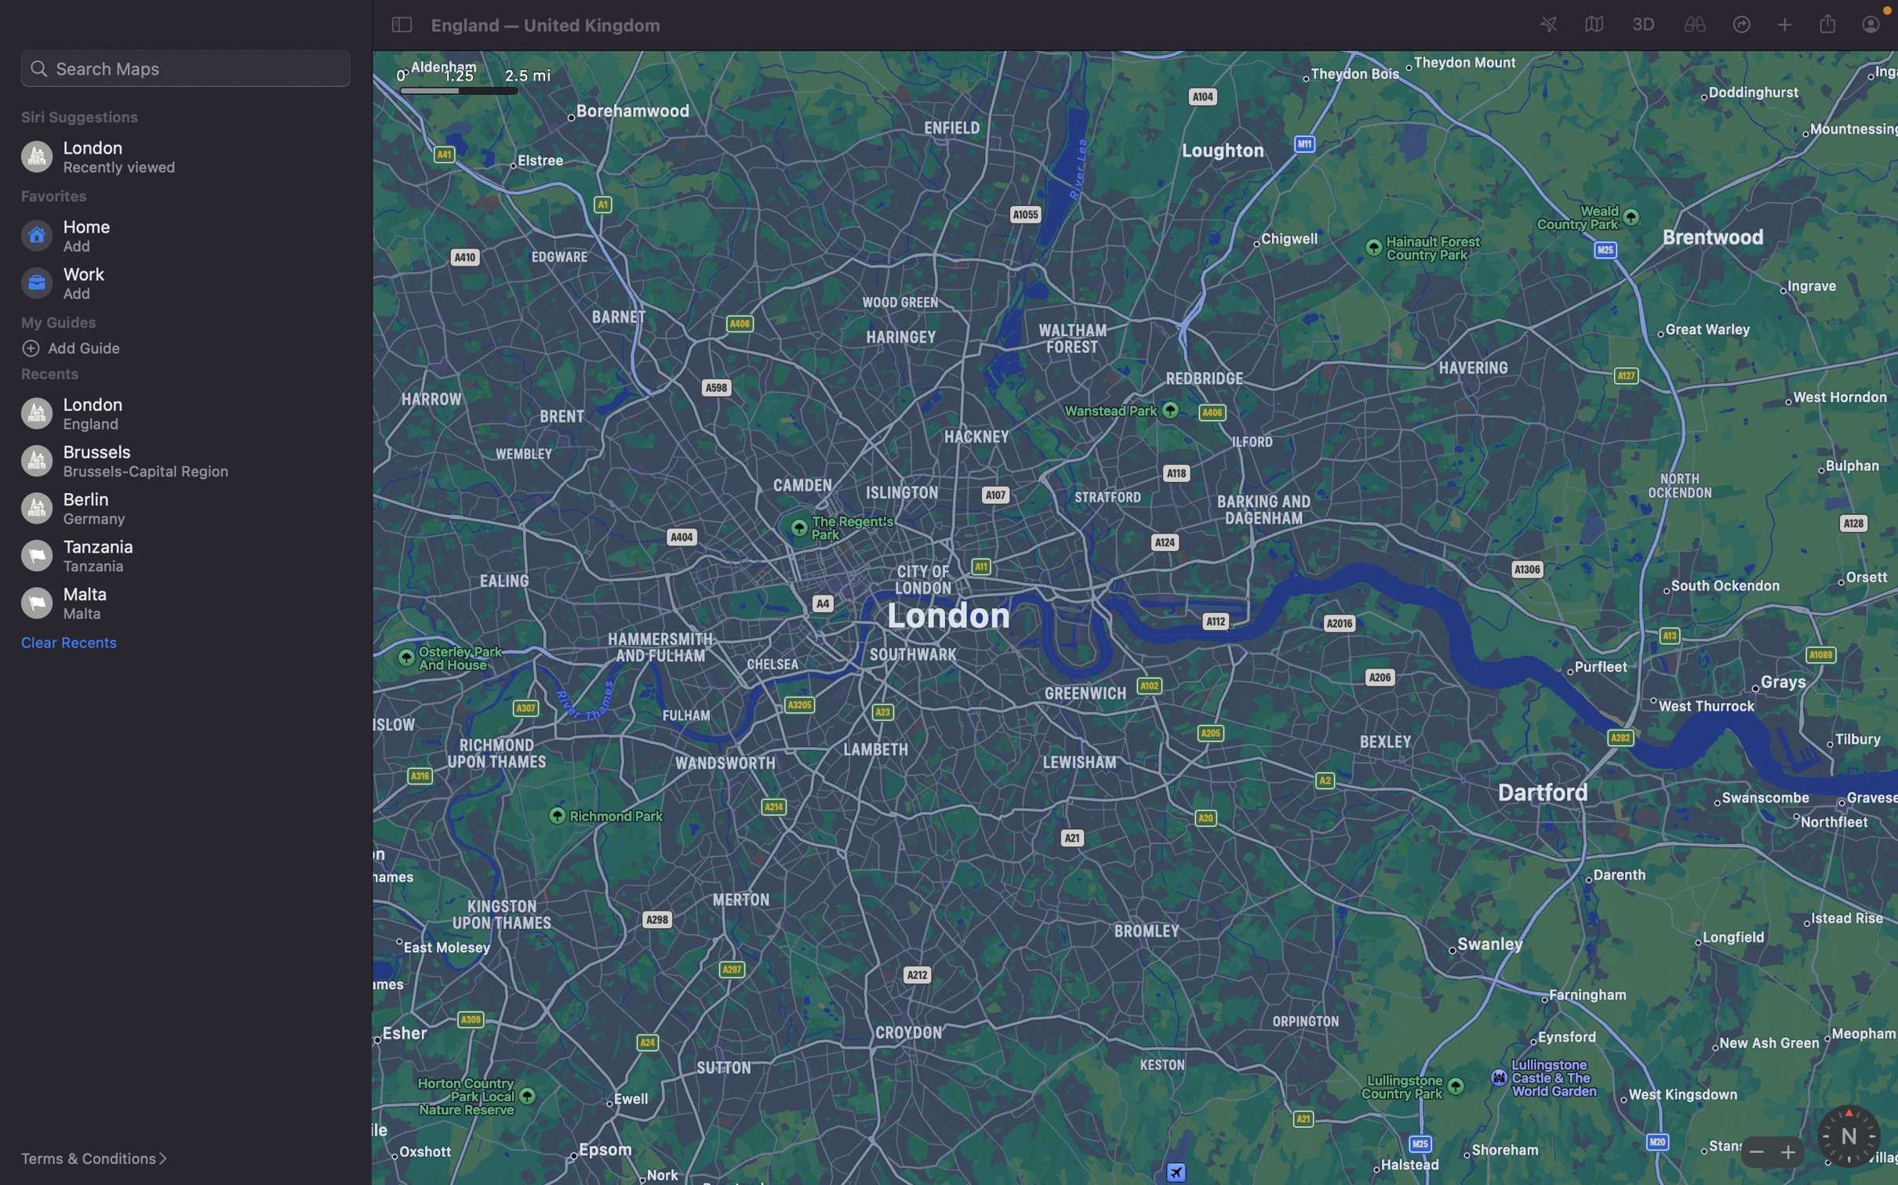 Image resolution: width=1898 pixels, height=1185 pixels. What do you see at coordinates (1848, 1136) in the screenshot?
I see `the compass function` at bounding box center [1848, 1136].